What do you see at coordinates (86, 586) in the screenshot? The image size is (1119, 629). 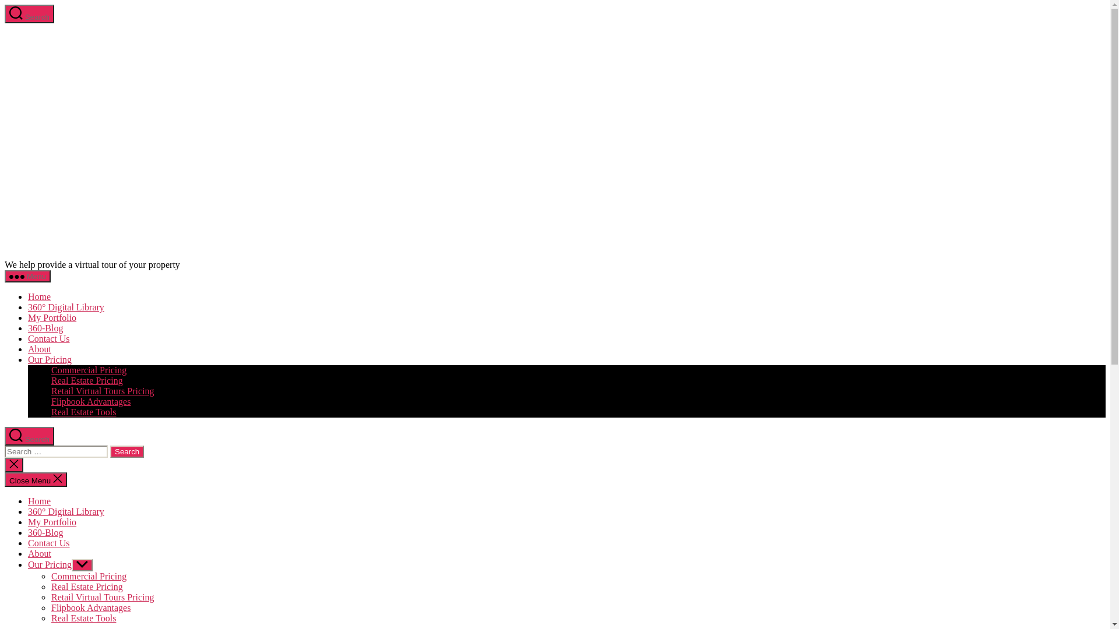 I see `'Real Estate Pricing'` at bounding box center [86, 586].